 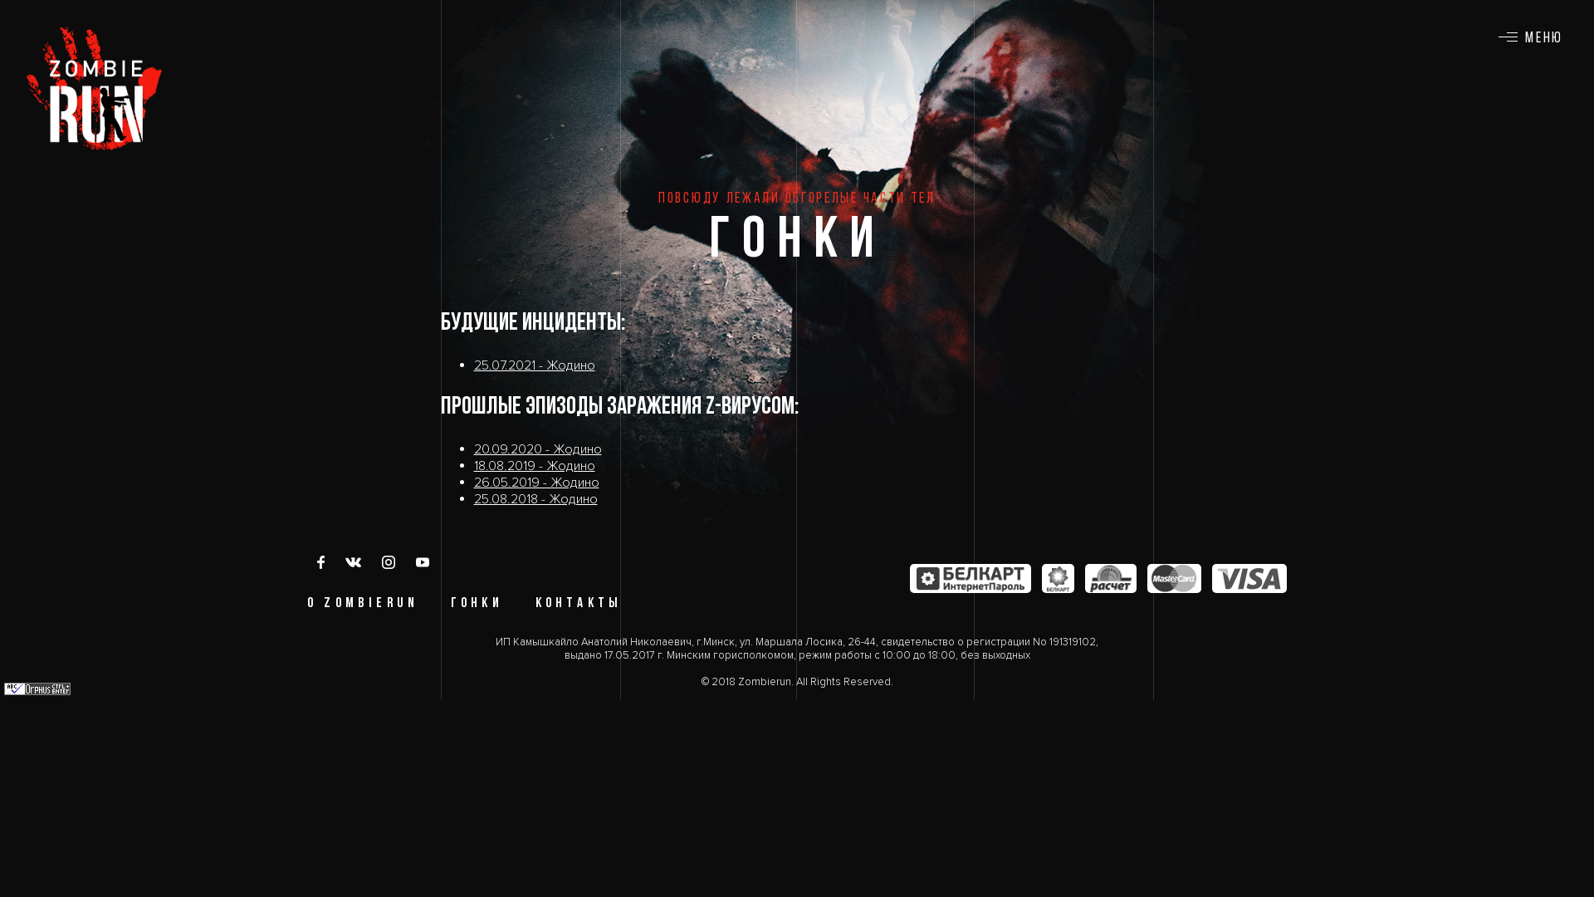 What do you see at coordinates (93, 88) in the screenshot?
I see `'ZOMBIE RUN'` at bounding box center [93, 88].